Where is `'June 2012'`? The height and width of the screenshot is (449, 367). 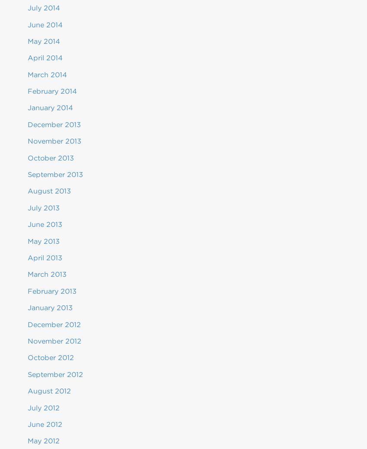
'June 2012' is located at coordinates (45, 423).